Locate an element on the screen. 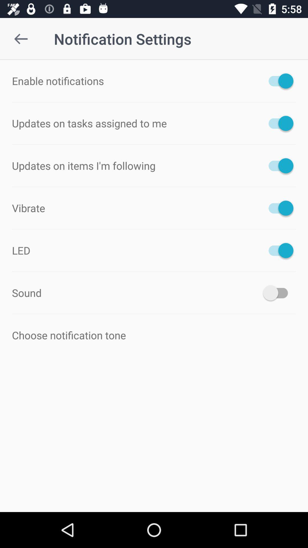 The image size is (308, 548). notification on button is located at coordinates (278, 80).